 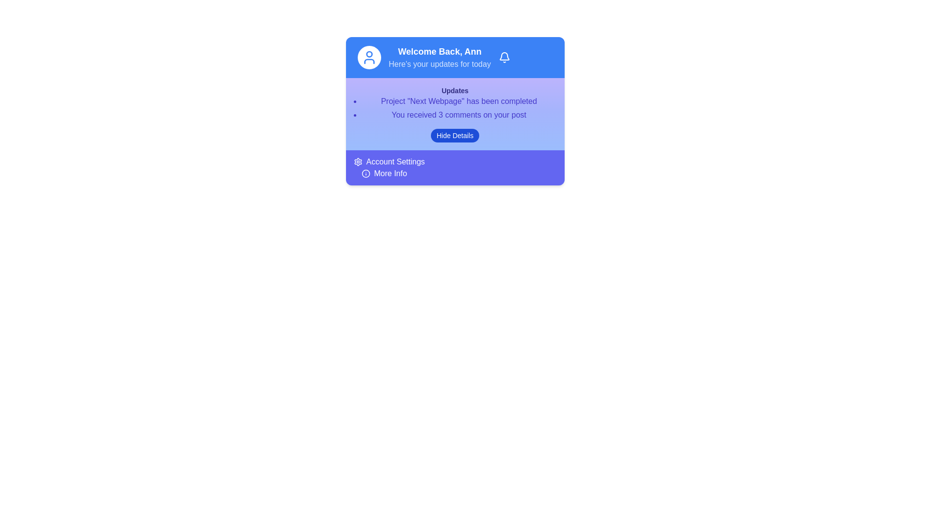 What do you see at coordinates (388, 161) in the screenshot?
I see `the 'Account Settings' button, which features a gear icon on the left and white text on a solid blue background` at bounding box center [388, 161].